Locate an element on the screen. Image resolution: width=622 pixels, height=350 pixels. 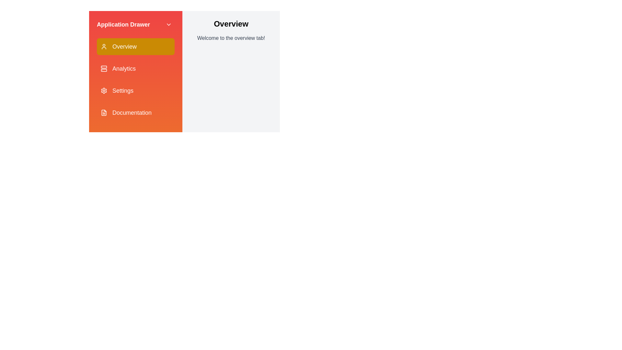
the tab labeled Overview in the drawer to select it is located at coordinates (135, 46).